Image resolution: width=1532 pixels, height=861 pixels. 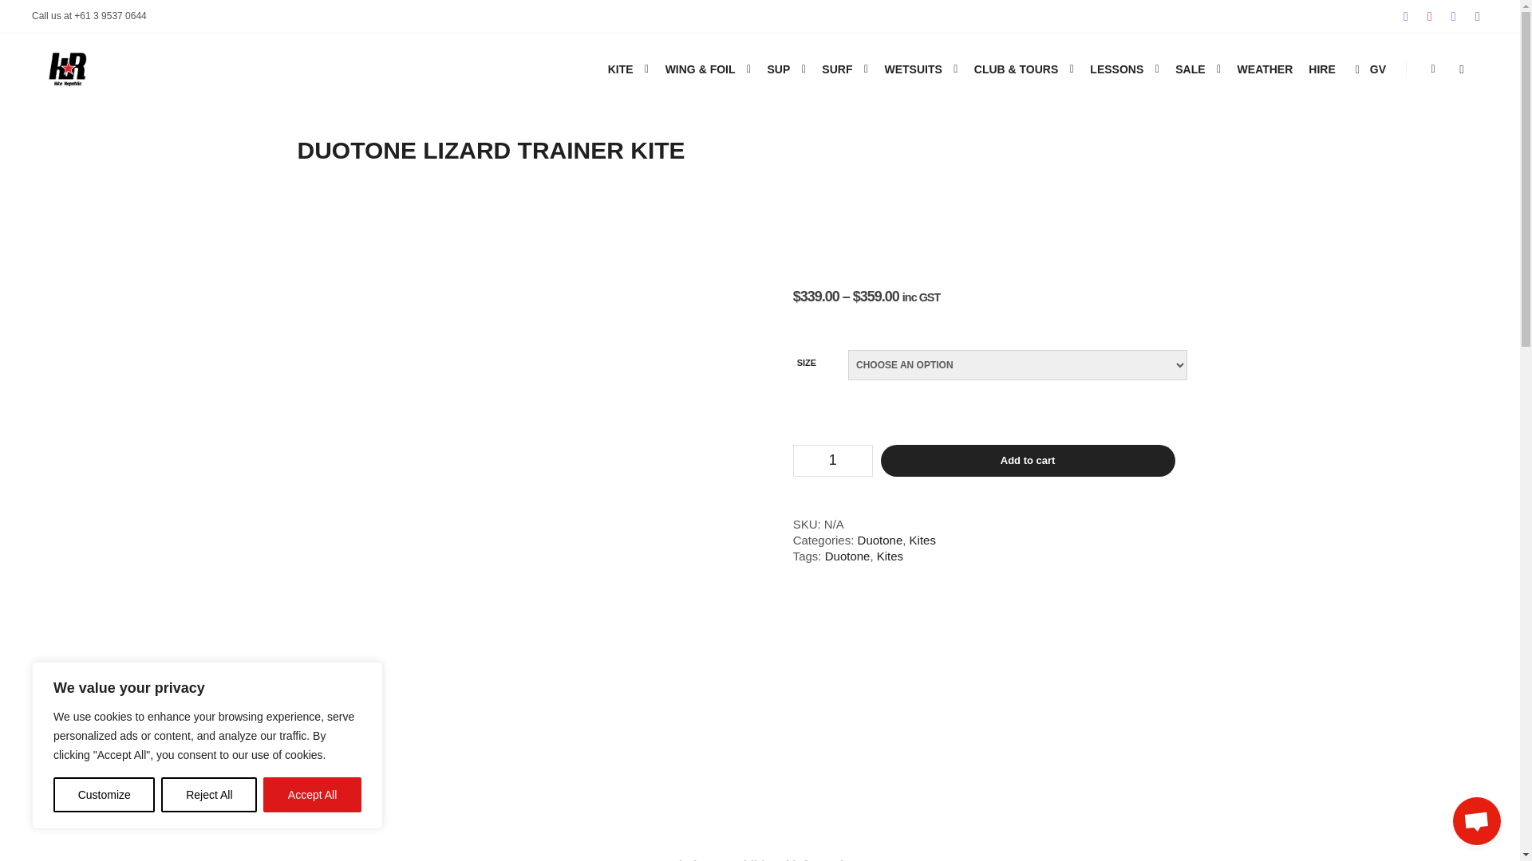 What do you see at coordinates (834, 69) in the screenshot?
I see `'SURF'` at bounding box center [834, 69].